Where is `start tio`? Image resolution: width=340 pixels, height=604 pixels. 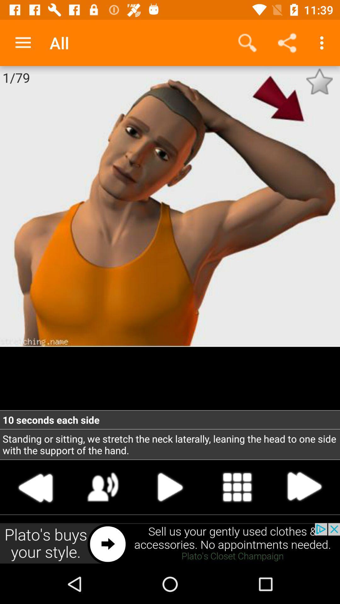
start tio is located at coordinates (170, 487).